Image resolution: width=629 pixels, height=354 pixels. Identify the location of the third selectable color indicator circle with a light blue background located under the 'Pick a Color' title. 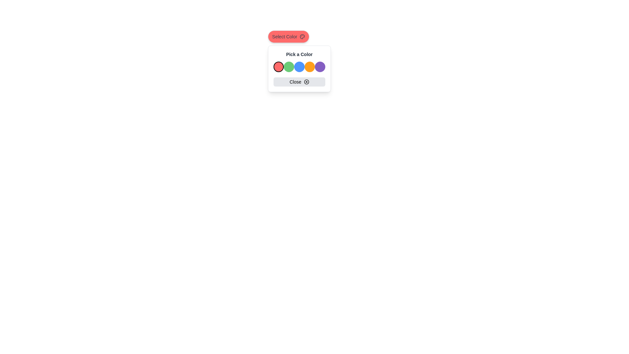
(299, 67).